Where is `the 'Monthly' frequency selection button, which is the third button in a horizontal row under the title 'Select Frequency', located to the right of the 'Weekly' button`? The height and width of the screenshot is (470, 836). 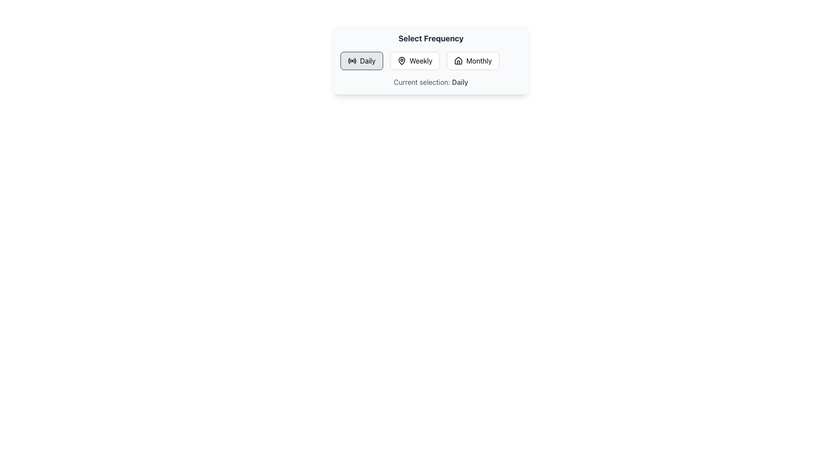
the 'Monthly' frequency selection button, which is the third button in a horizontal row under the title 'Select Frequency', located to the right of the 'Weekly' button is located at coordinates (472, 60).